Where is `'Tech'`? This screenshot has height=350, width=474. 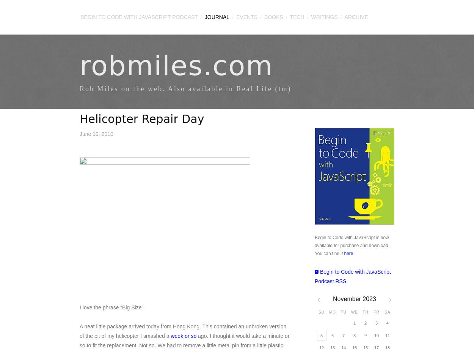
'Tech' is located at coordinates (290, 17).